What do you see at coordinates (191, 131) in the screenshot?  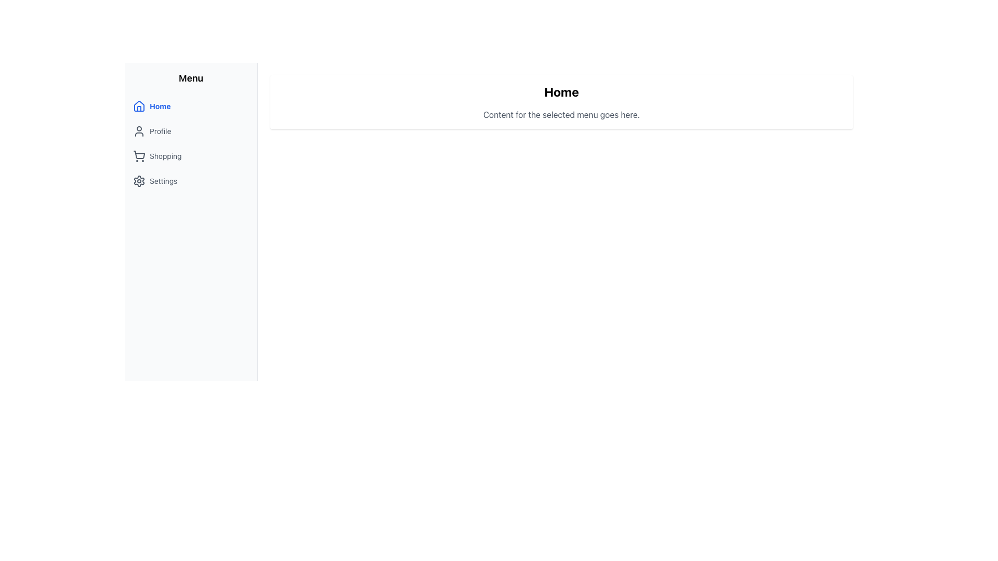 I see `the 'Profile' menu item in the sidebar` at bounding box center [191, 131].